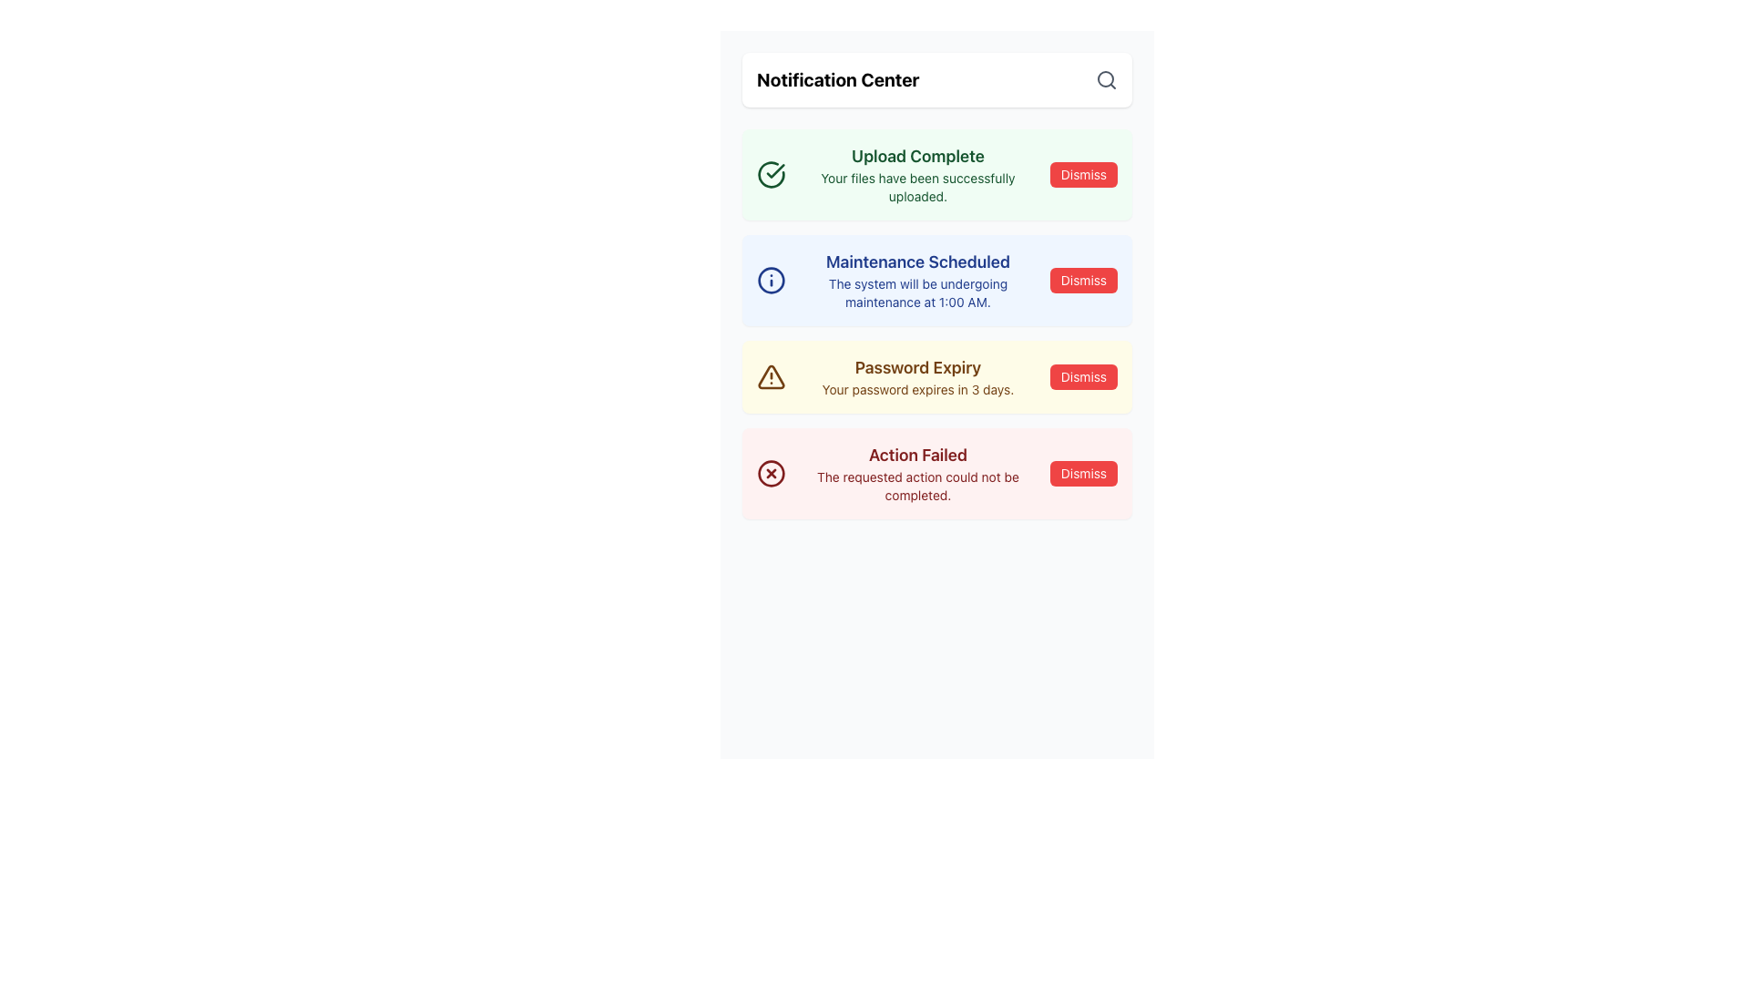 The width and height of the screenshot is (1749, 984). What do you see at coordinates (771, 175) in the screenshot?
I see `the circular icon with a green border and a checkmark inside, located in the top-left corner of the 'Upload Complete' notification card` at bounding box center [771, 175].